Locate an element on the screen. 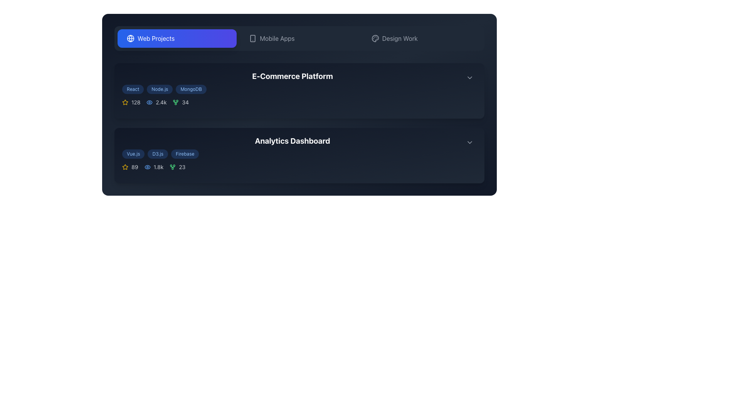  the small green SVG icon depicting a Git Fork symbol, located in the second row of the project list under 'Analytics Dashboard' is located at coordinates (172, 167).